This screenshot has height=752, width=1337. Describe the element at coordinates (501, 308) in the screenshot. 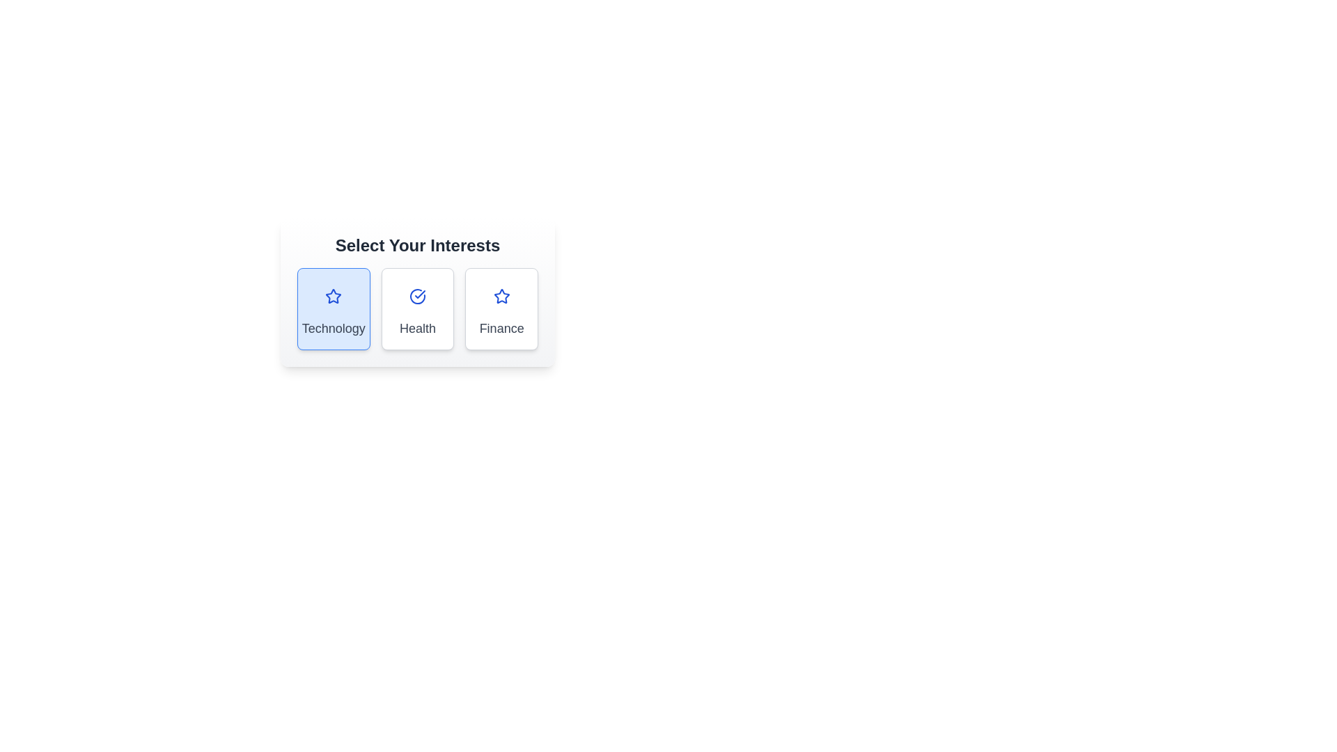

I see `the category Finance` at that location.